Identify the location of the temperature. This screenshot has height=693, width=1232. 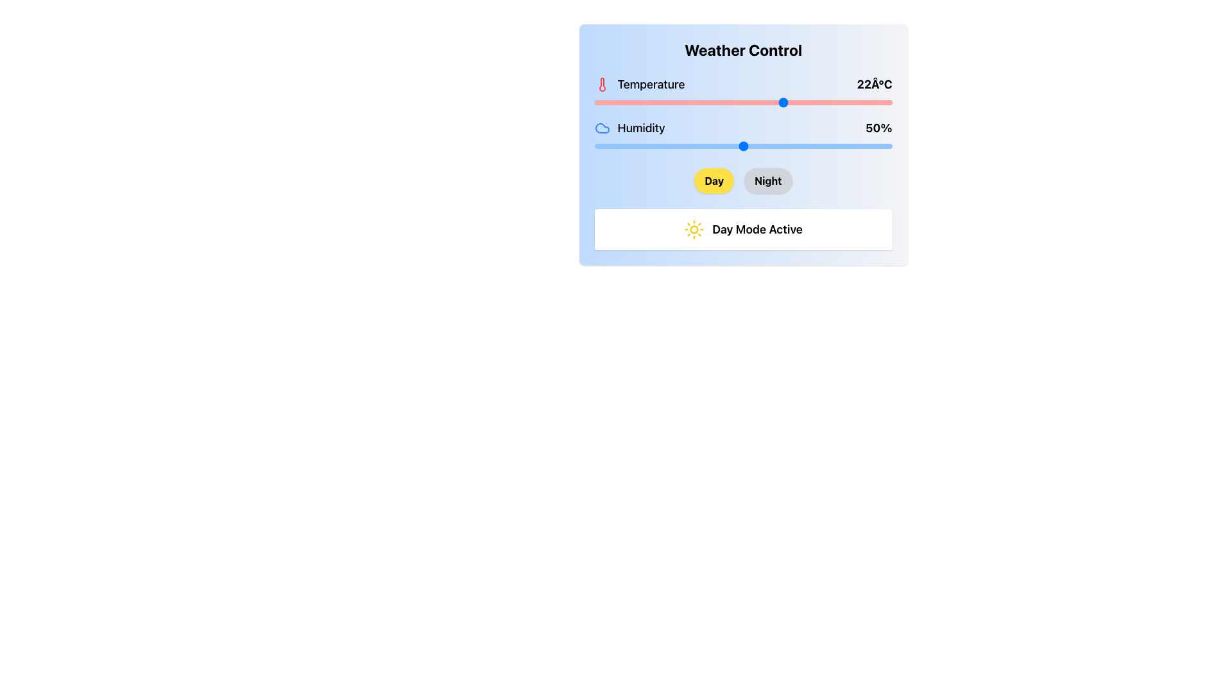
(671, 101).